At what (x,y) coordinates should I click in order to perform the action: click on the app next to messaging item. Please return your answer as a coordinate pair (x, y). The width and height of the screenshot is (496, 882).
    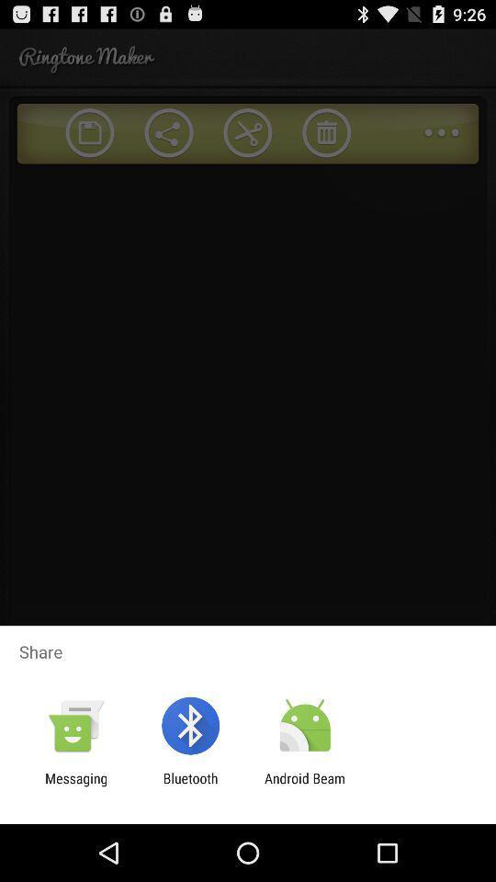
    Looking at the image, I should click on (189, 786).